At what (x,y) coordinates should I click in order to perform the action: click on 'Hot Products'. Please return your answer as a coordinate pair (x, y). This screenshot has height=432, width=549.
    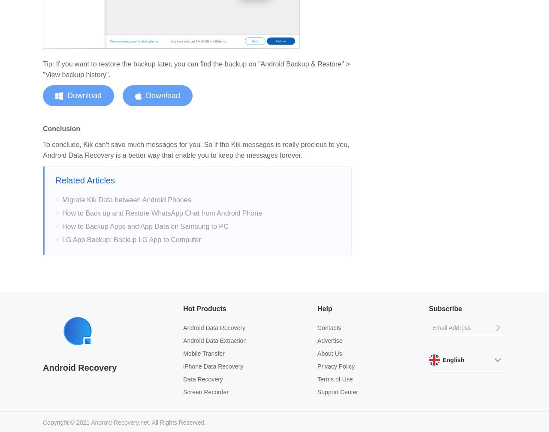
    Looking at the image, I should click on (204, 308).